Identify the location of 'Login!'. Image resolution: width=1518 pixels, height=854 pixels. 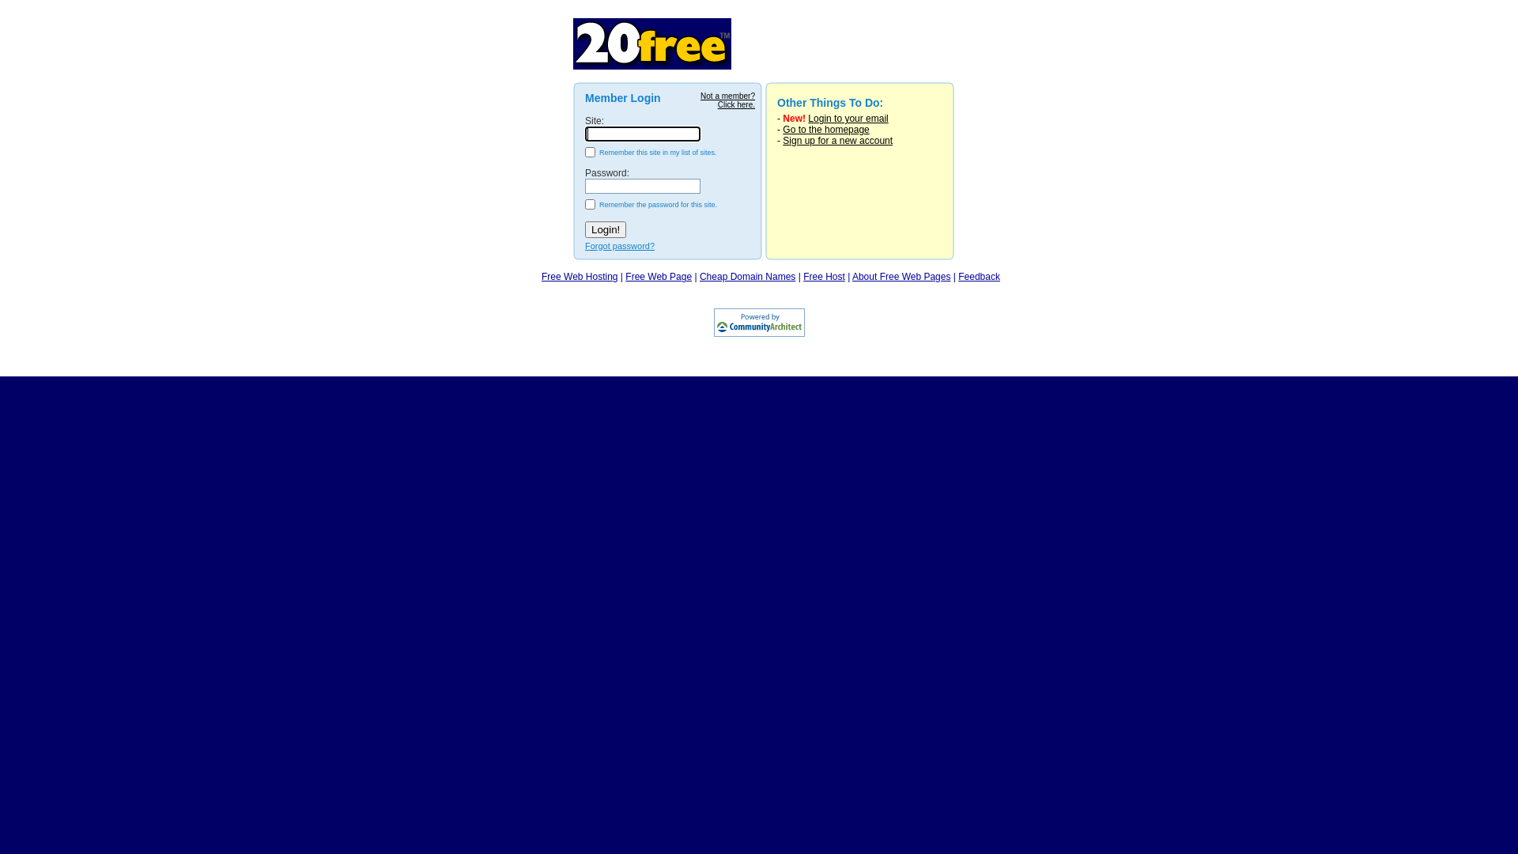
(605, 229).